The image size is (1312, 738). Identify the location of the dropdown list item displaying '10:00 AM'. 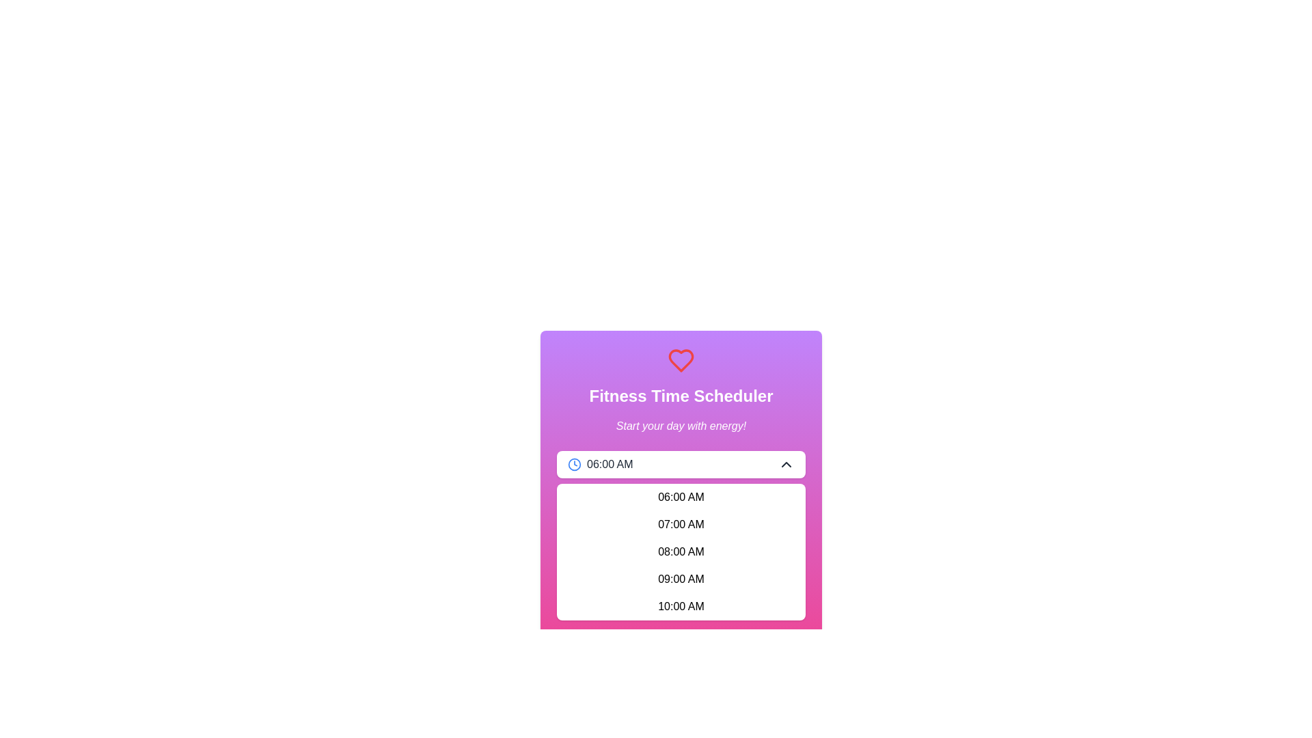
(681, 605).